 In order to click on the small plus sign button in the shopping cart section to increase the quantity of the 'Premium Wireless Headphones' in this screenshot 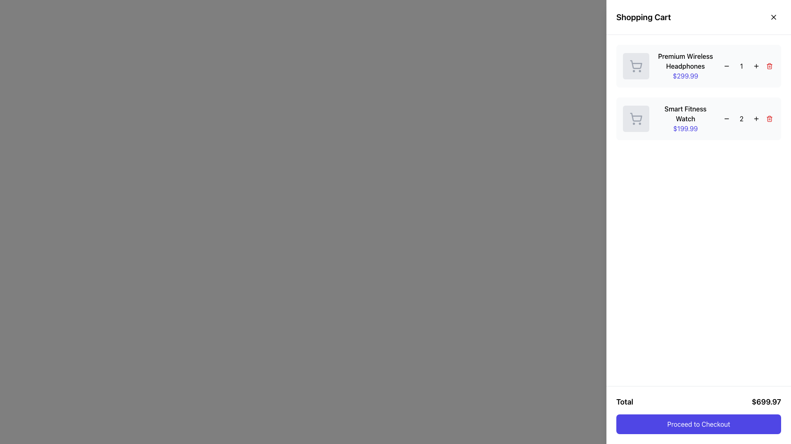, I will do `click(756, 66)`.